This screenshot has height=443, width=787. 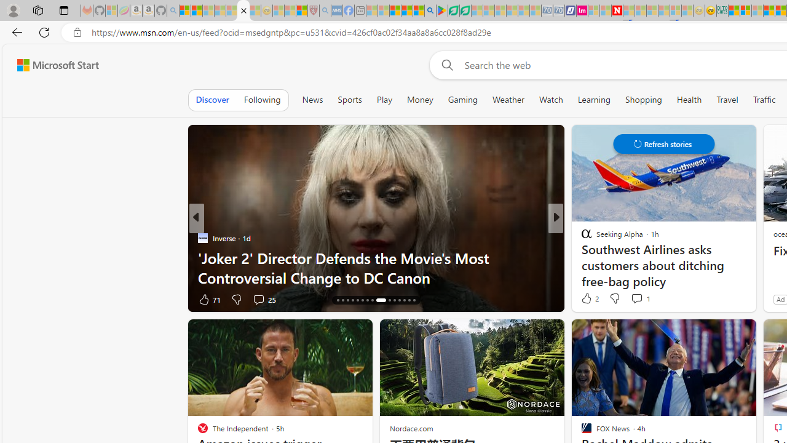 What do you see at coordinates (462, 99) in the screenshot?
I see `'Gaming'` at bounding box center [462, 99].